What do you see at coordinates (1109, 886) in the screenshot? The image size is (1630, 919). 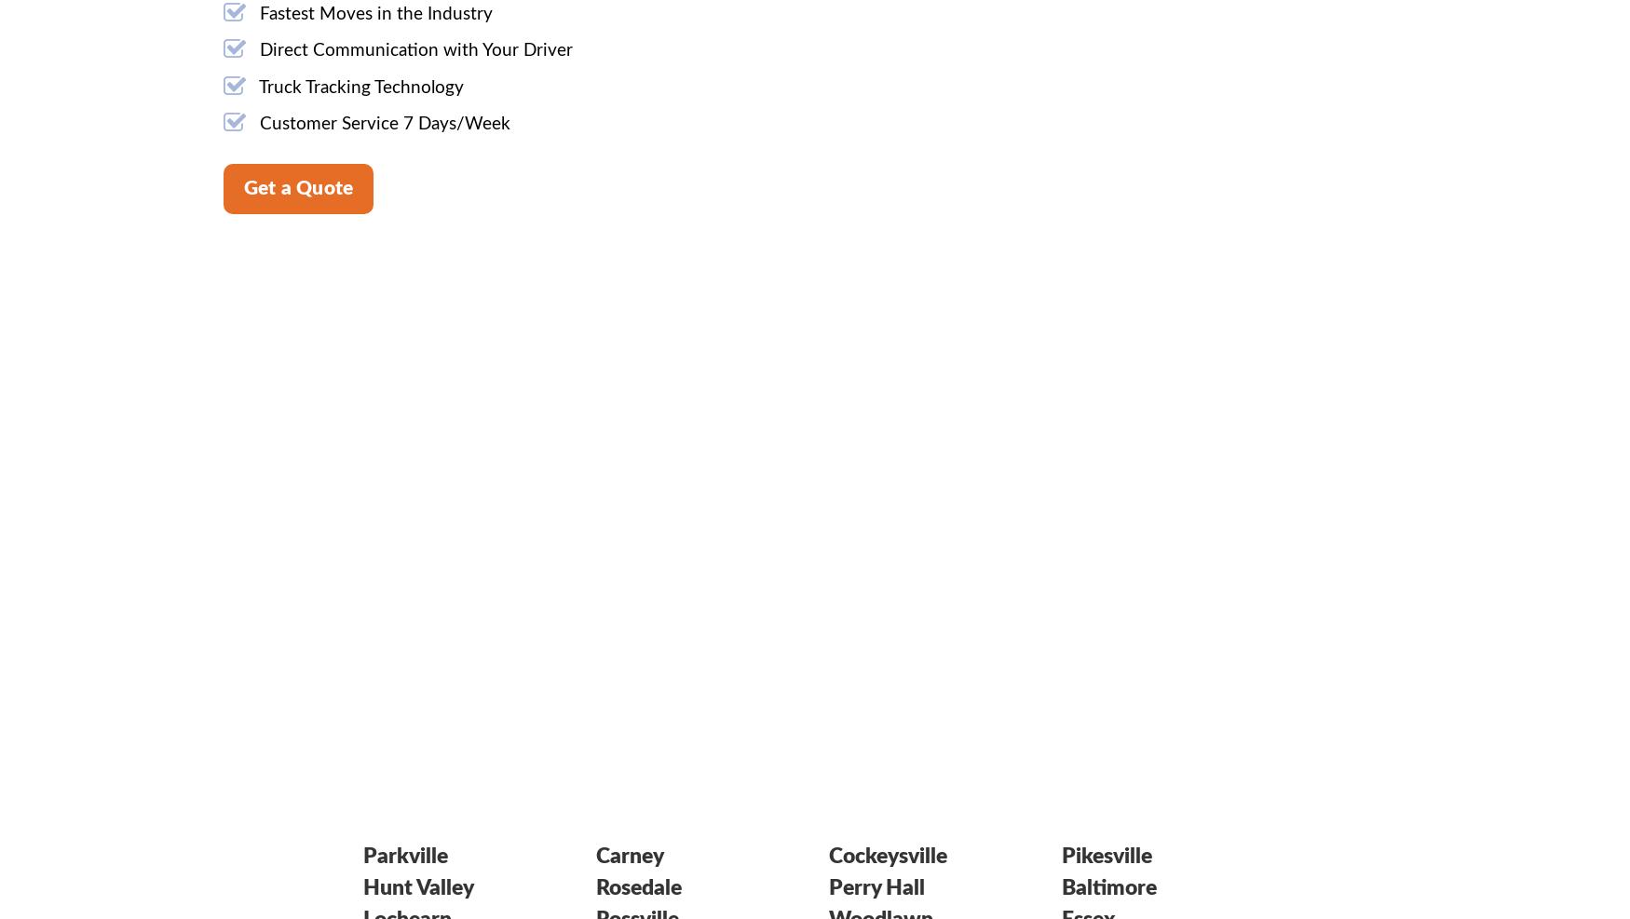 I see `'Baltimore'` at bounding box center [1109, 886].